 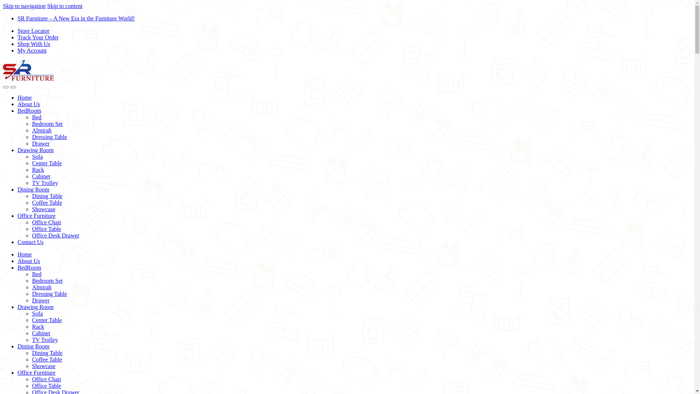 I want to click on 'Dressing Table', so click(x=49, y=137).